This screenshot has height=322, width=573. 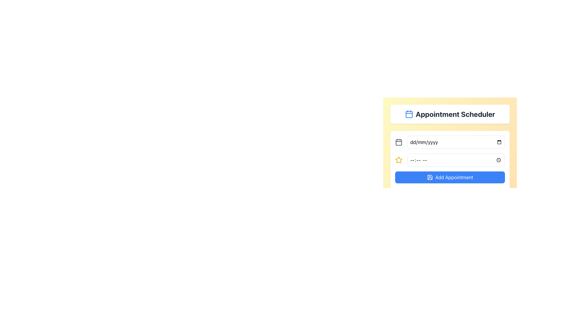 What do you see at coordinates (399, 142) in the screenshot?
I see `the date picker icon located to the left of the date input field in the appointment scheduling interface` at bounding box center [399, 142].